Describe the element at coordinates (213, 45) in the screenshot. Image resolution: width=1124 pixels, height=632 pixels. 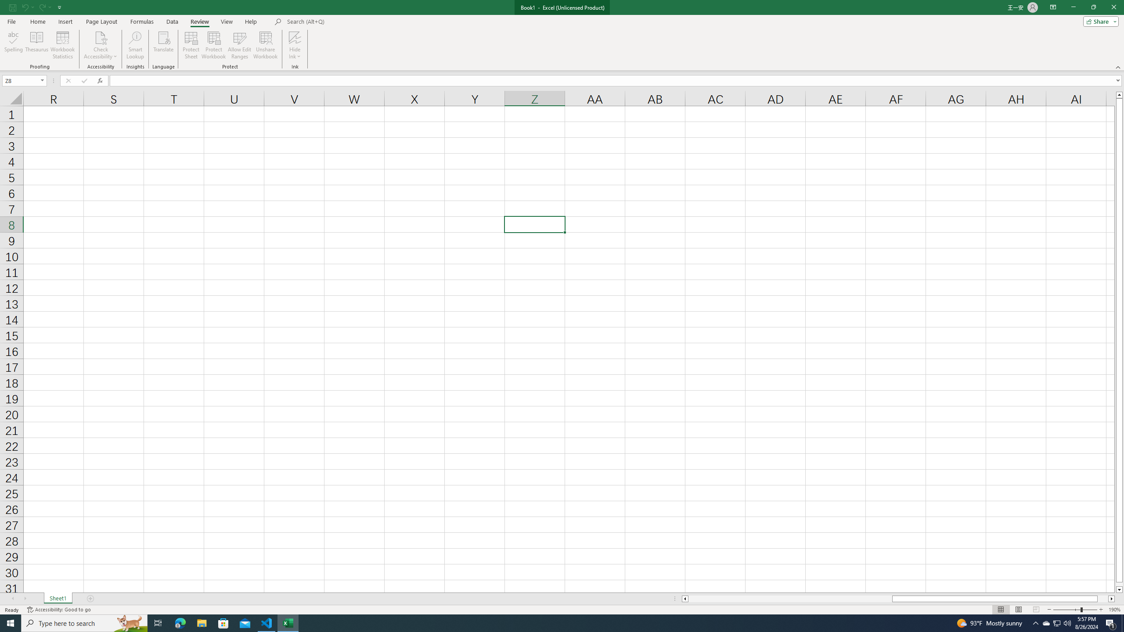
I see `'Protect Workbook...'` at that location.